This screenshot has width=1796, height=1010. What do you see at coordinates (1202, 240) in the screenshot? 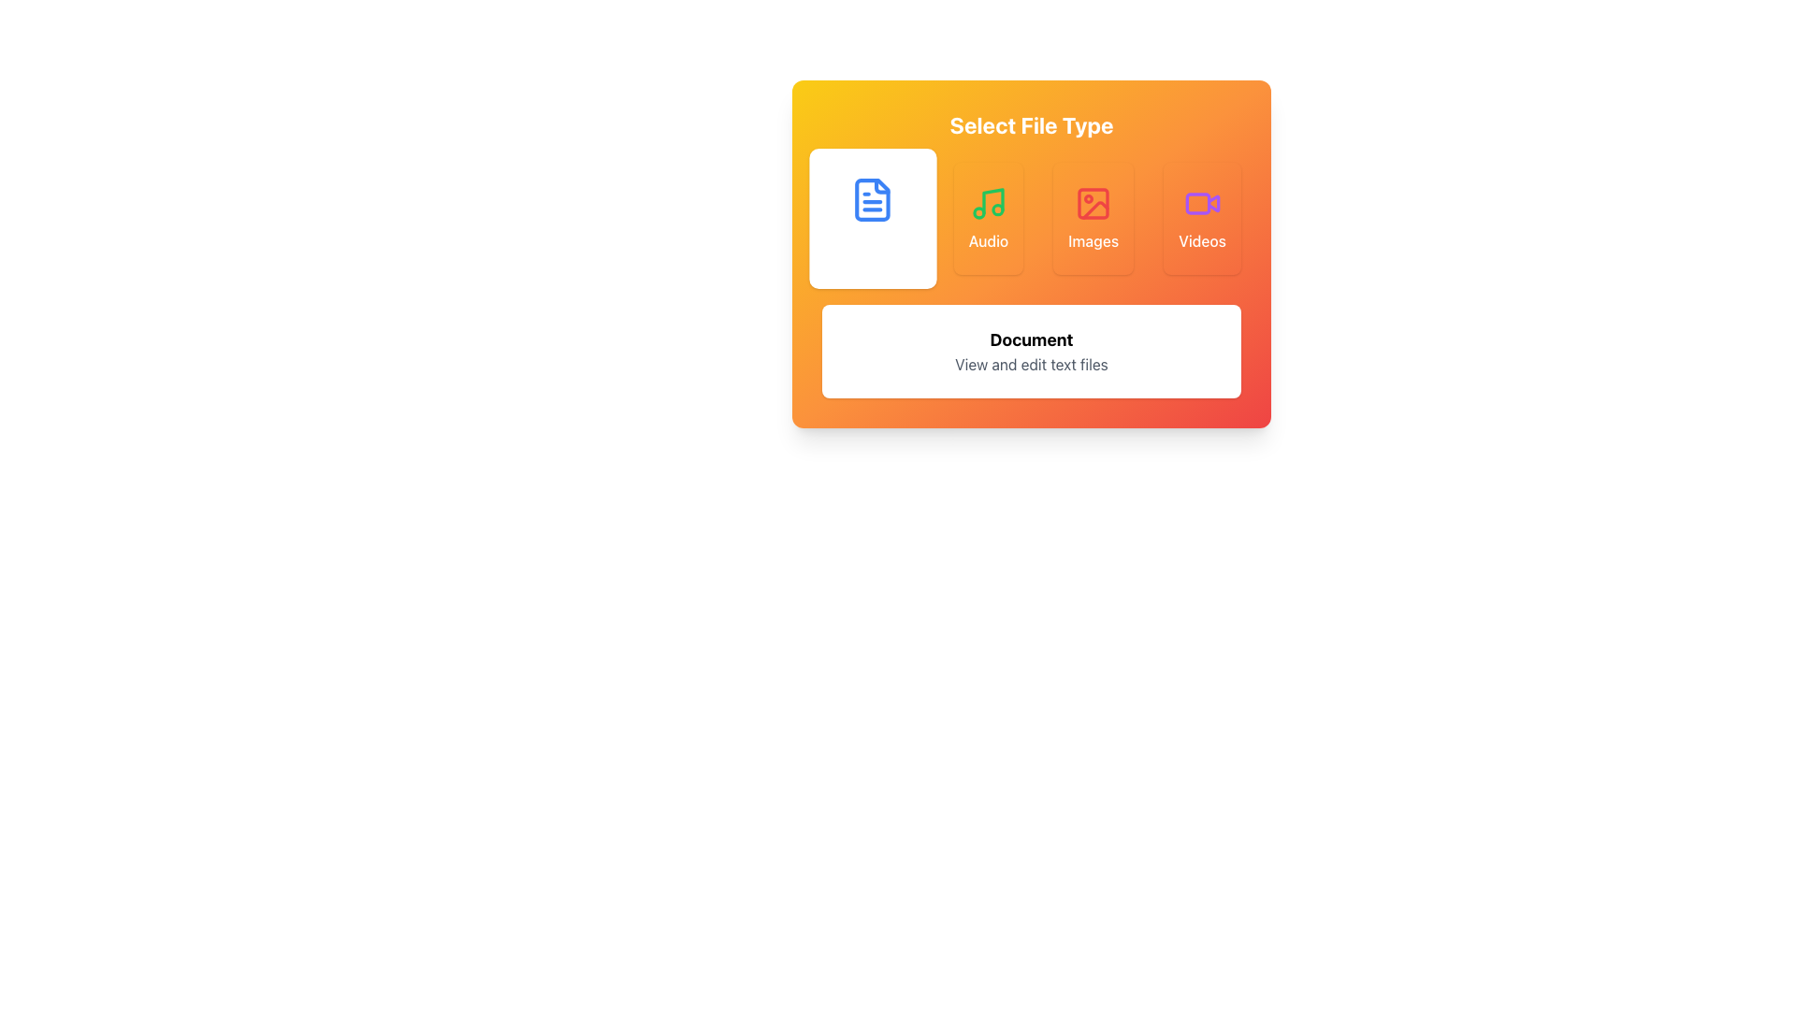
I see `the 'Videos' text label, which is styled with a white medium-weight font on an orange background, located beneath a video camera icon in the fourth box of a horizontal sequence` at bounding box center [1202, 240].